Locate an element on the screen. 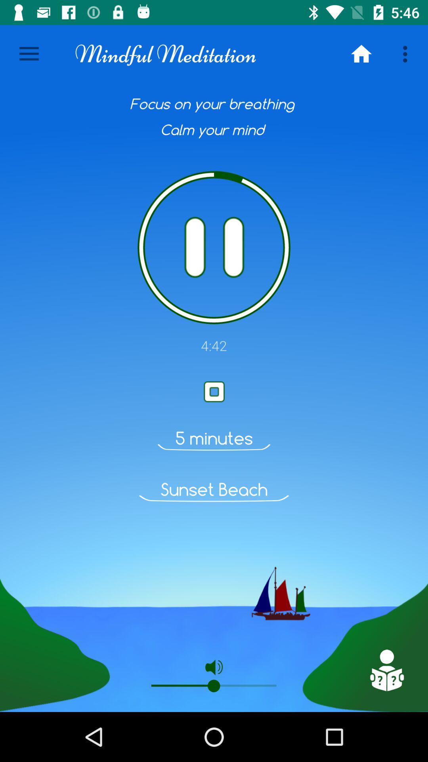 This screenshot has height=762, width=428. icon to the left of mindful meditation is located at coordinates (29, 54).